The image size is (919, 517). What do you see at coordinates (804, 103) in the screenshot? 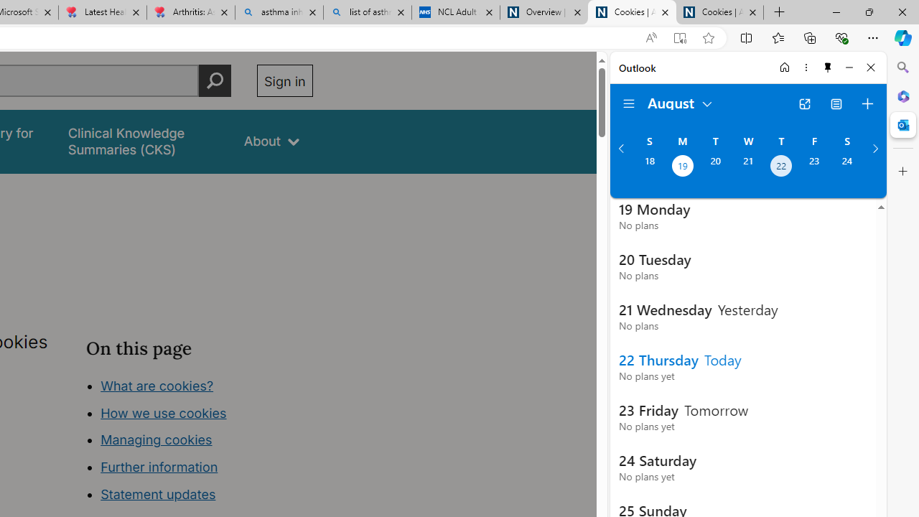
I see `'Open in new tab'` at bounding box center [804, 103].